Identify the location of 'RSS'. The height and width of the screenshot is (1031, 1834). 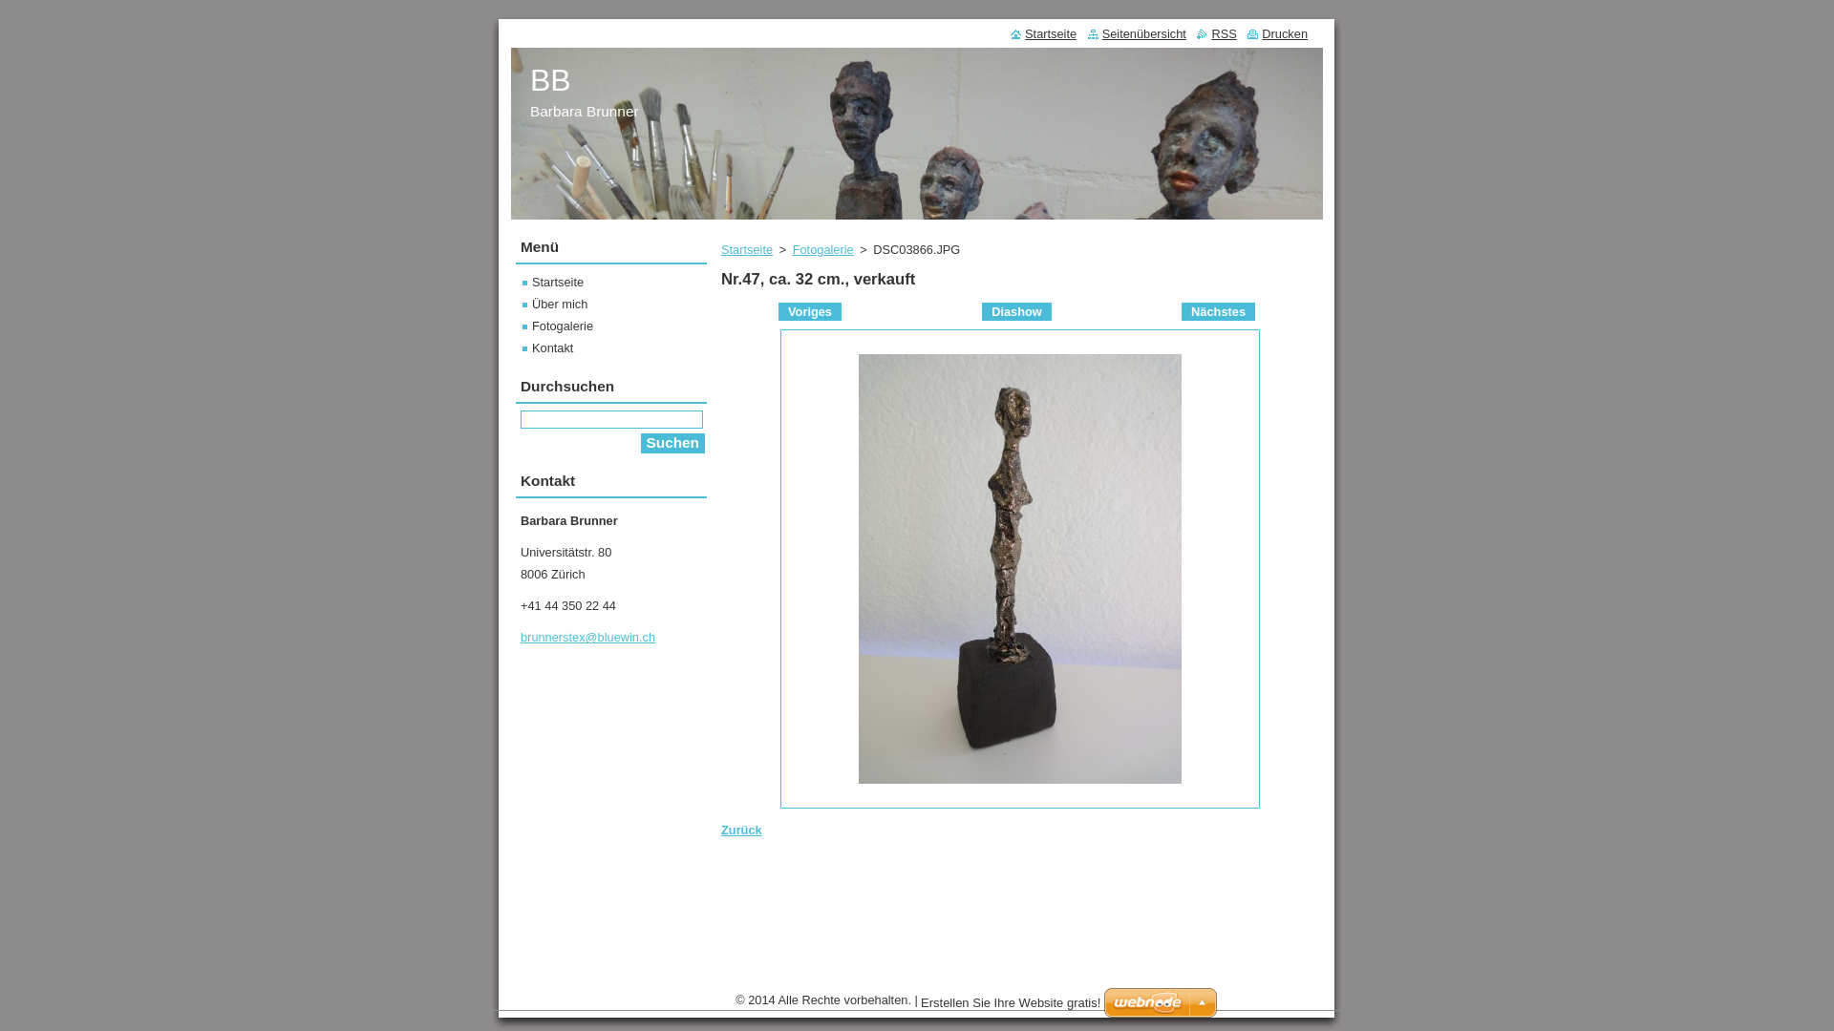
(1215, 33).